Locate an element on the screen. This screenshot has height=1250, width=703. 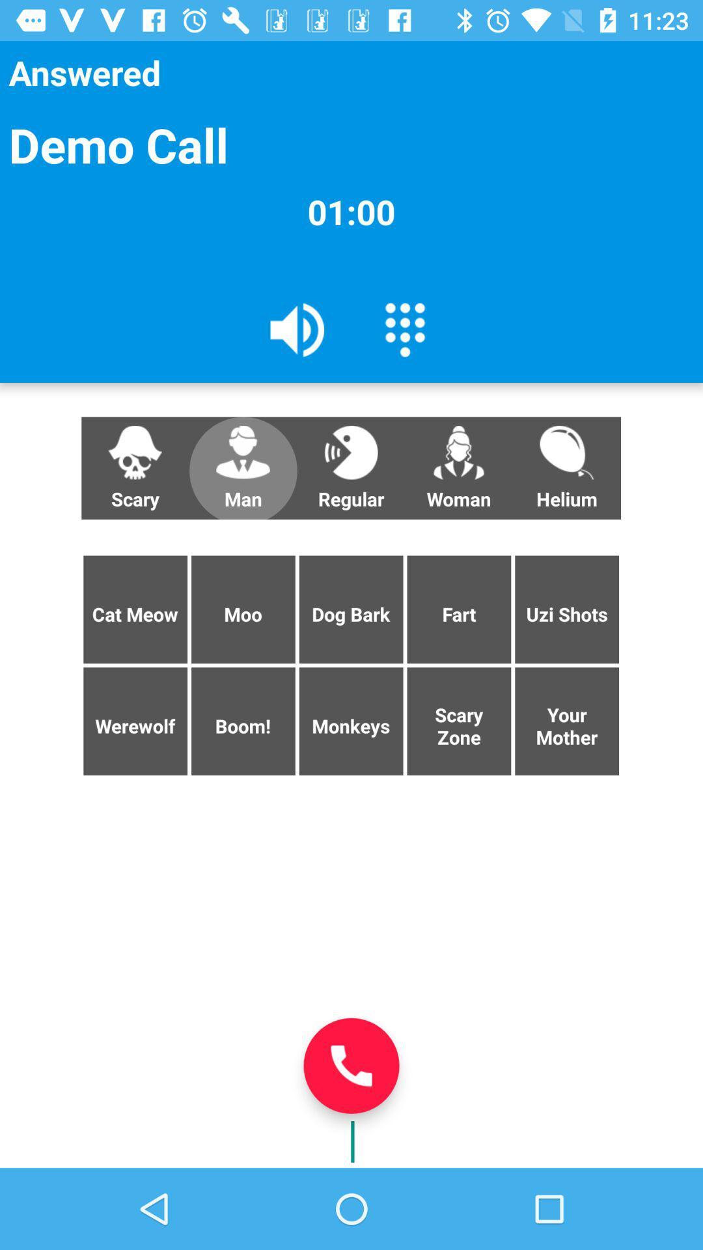
icon above the dog bark item is located at coordinates (458, 468).